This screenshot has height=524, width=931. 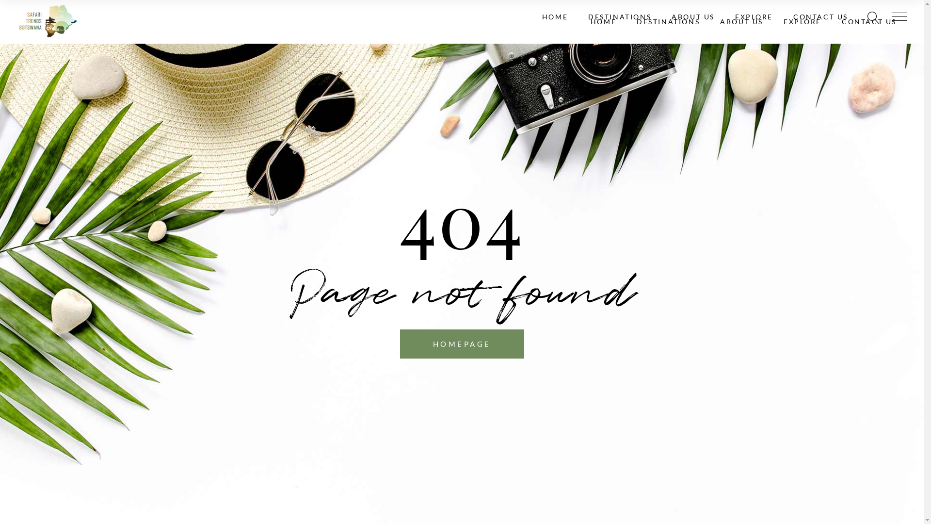 I want to click on 'HOME', so click(x=555, y=16).